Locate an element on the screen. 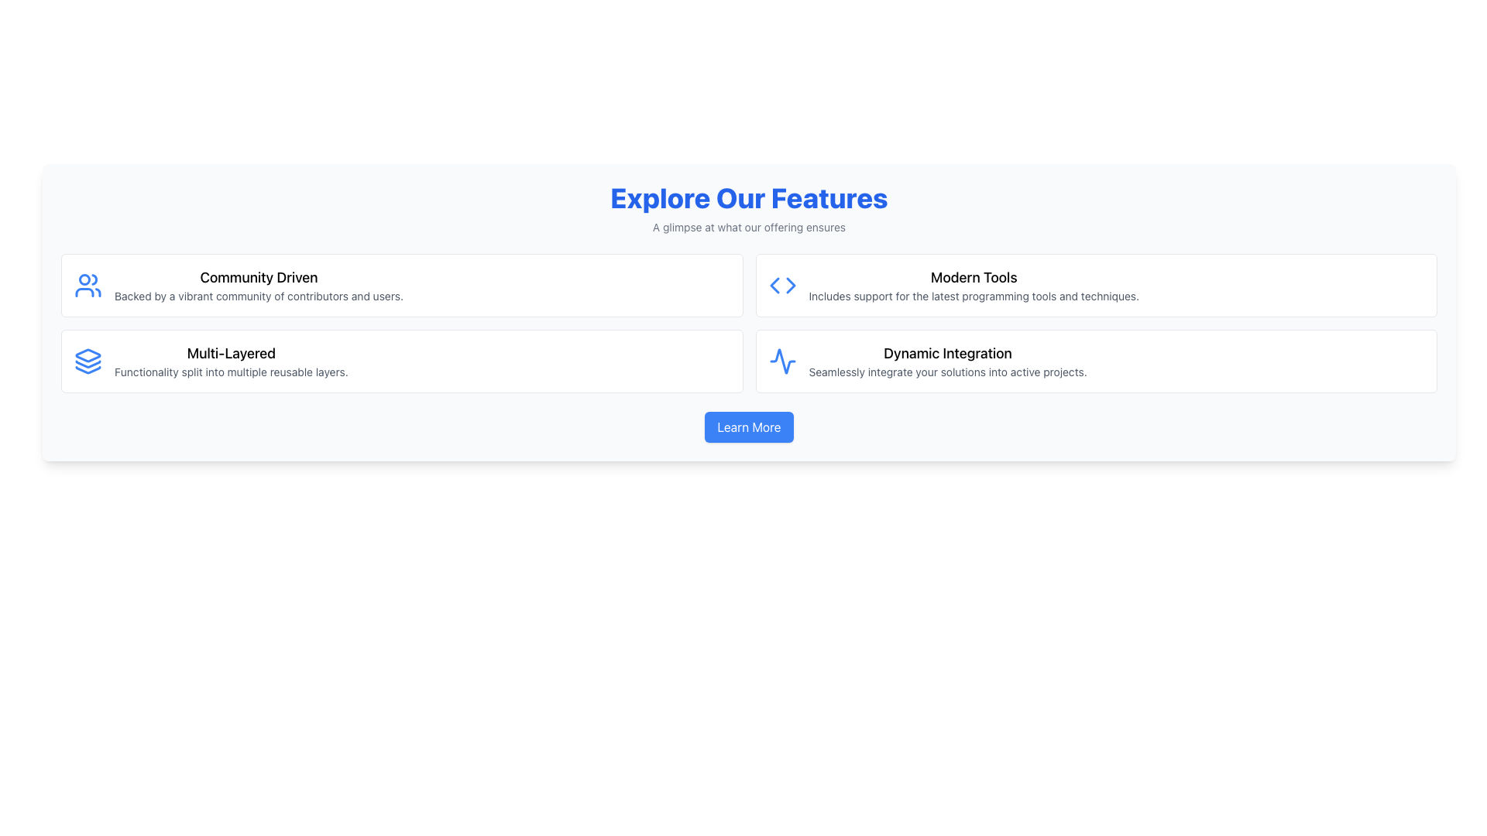 Image resolution: width=1487 pixels, height=836 pixels. information from the Textual description component located in the upper right quadrant of the interface, specifically in the second column of the features grid, to the right of the 'Community Driven' section and above the 'Dynamic Integration' section is located at coordinates (973, 286).